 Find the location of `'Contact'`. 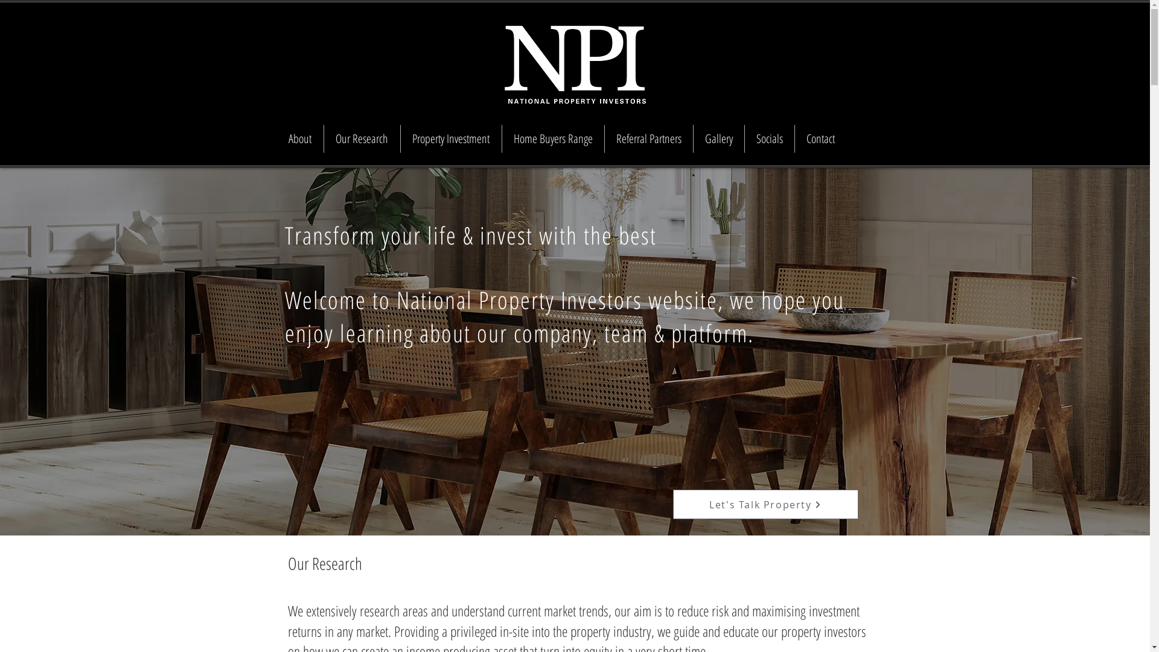

'Contact' is located at coordinates (820, 138).